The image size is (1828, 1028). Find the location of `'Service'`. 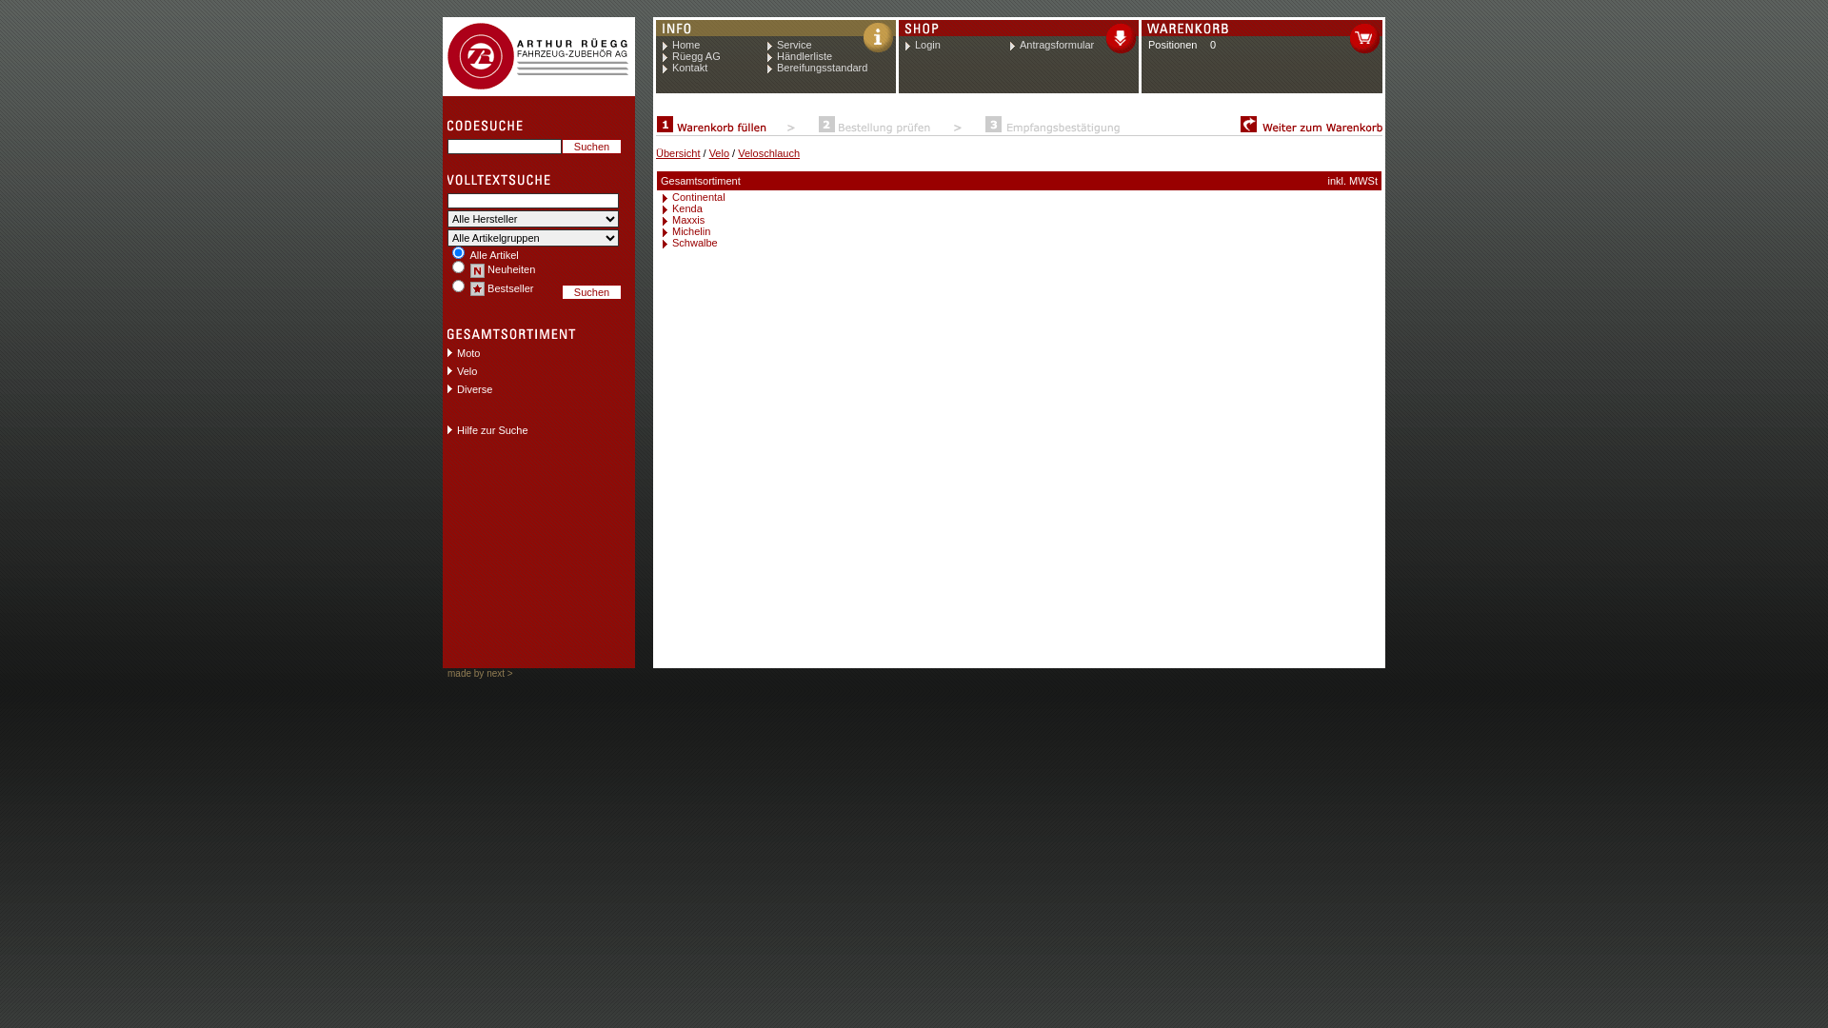

'Service' is located at coordinates (831, 43).